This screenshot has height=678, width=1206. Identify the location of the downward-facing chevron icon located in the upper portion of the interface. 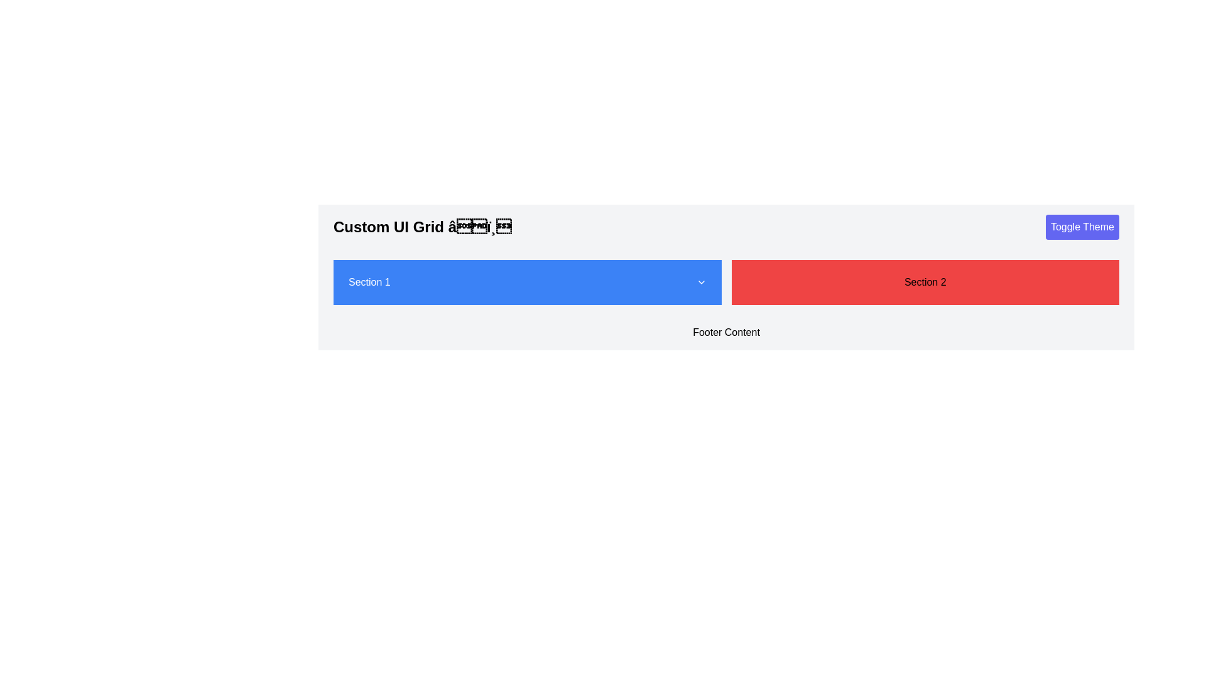
(700, 282).